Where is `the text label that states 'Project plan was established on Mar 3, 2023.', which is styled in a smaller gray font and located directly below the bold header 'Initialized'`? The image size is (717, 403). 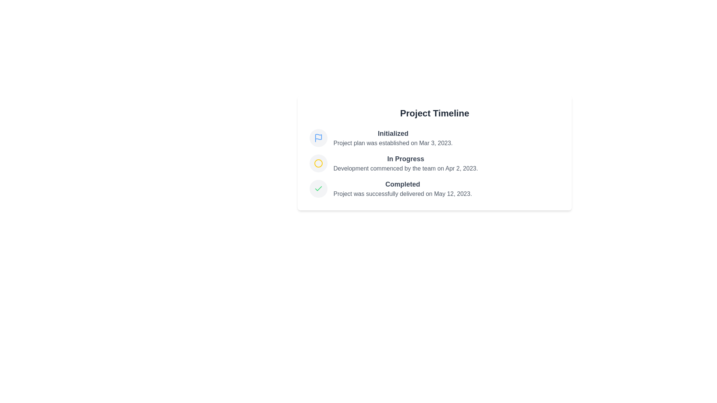 the text label that states 'Project plan was established on Mar 3, 2023.', which is styled in a smaller gray font and located directly below the bold header 'Initialized' is located at coordinates (392, 143).